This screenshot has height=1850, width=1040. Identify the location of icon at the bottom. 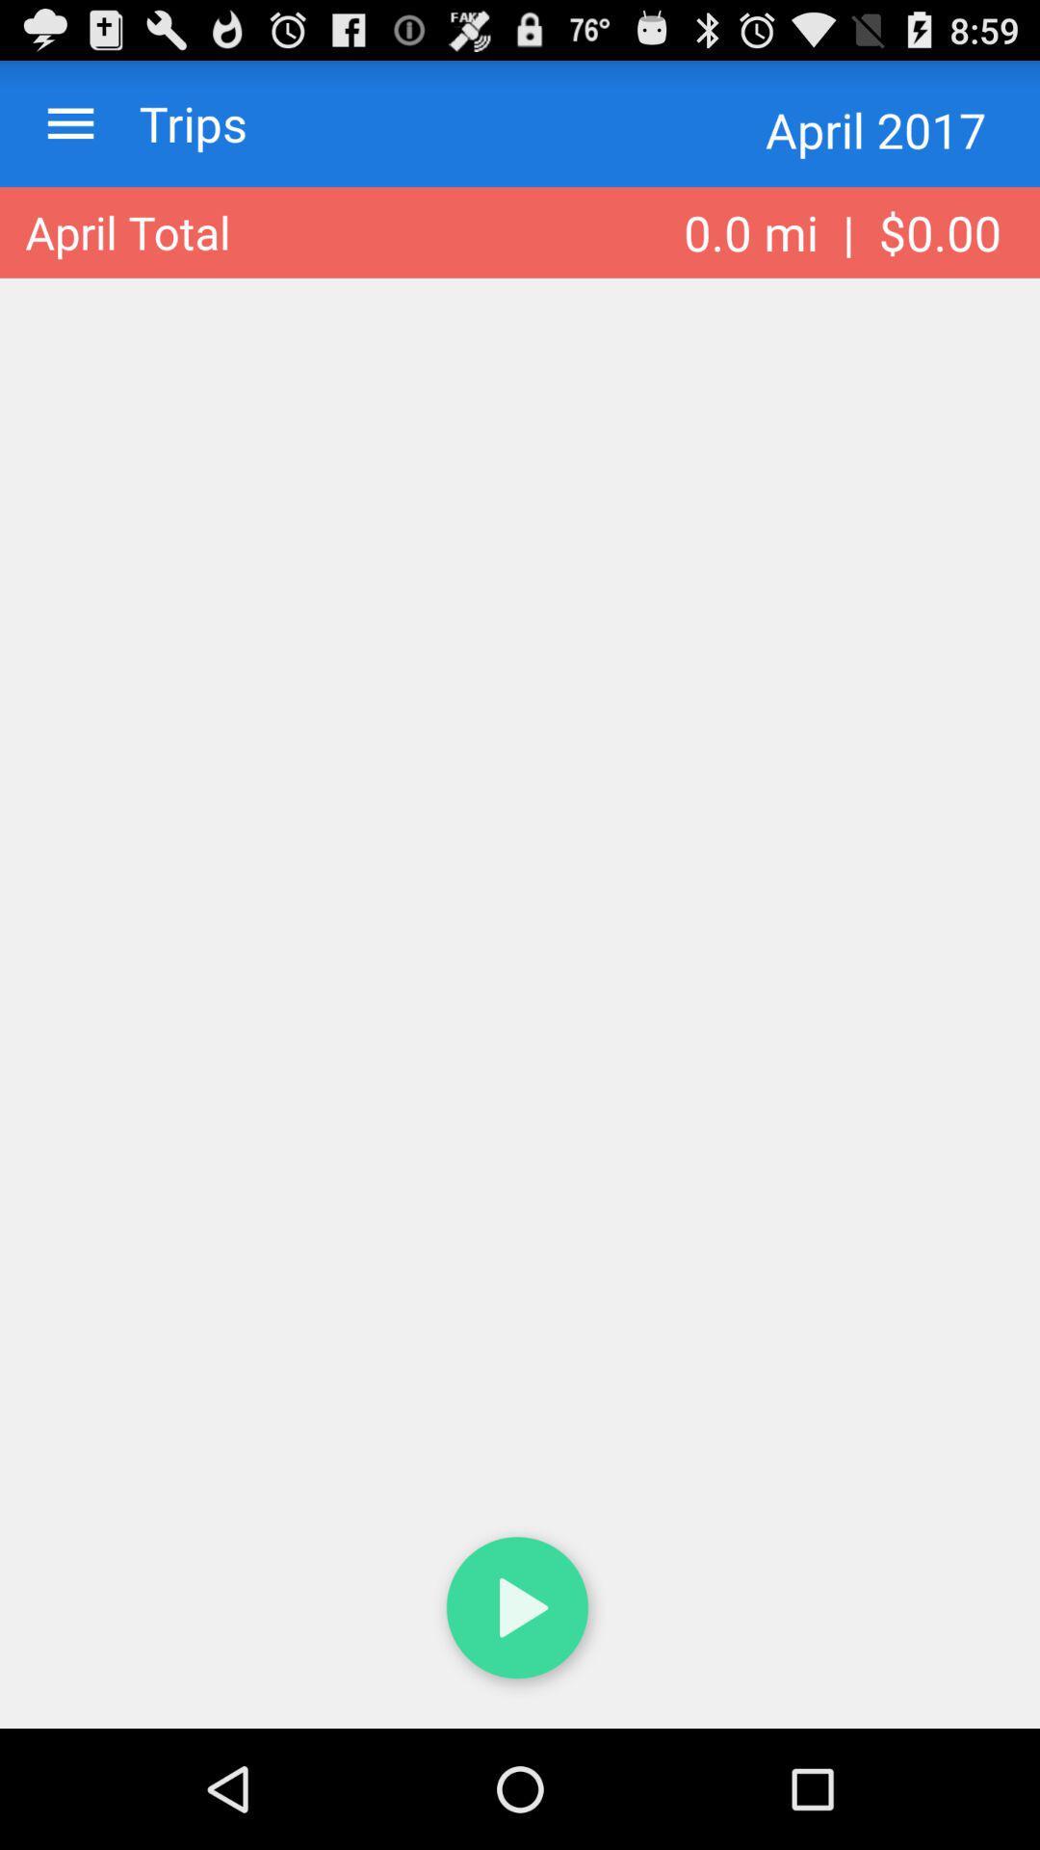
(520, 1612).